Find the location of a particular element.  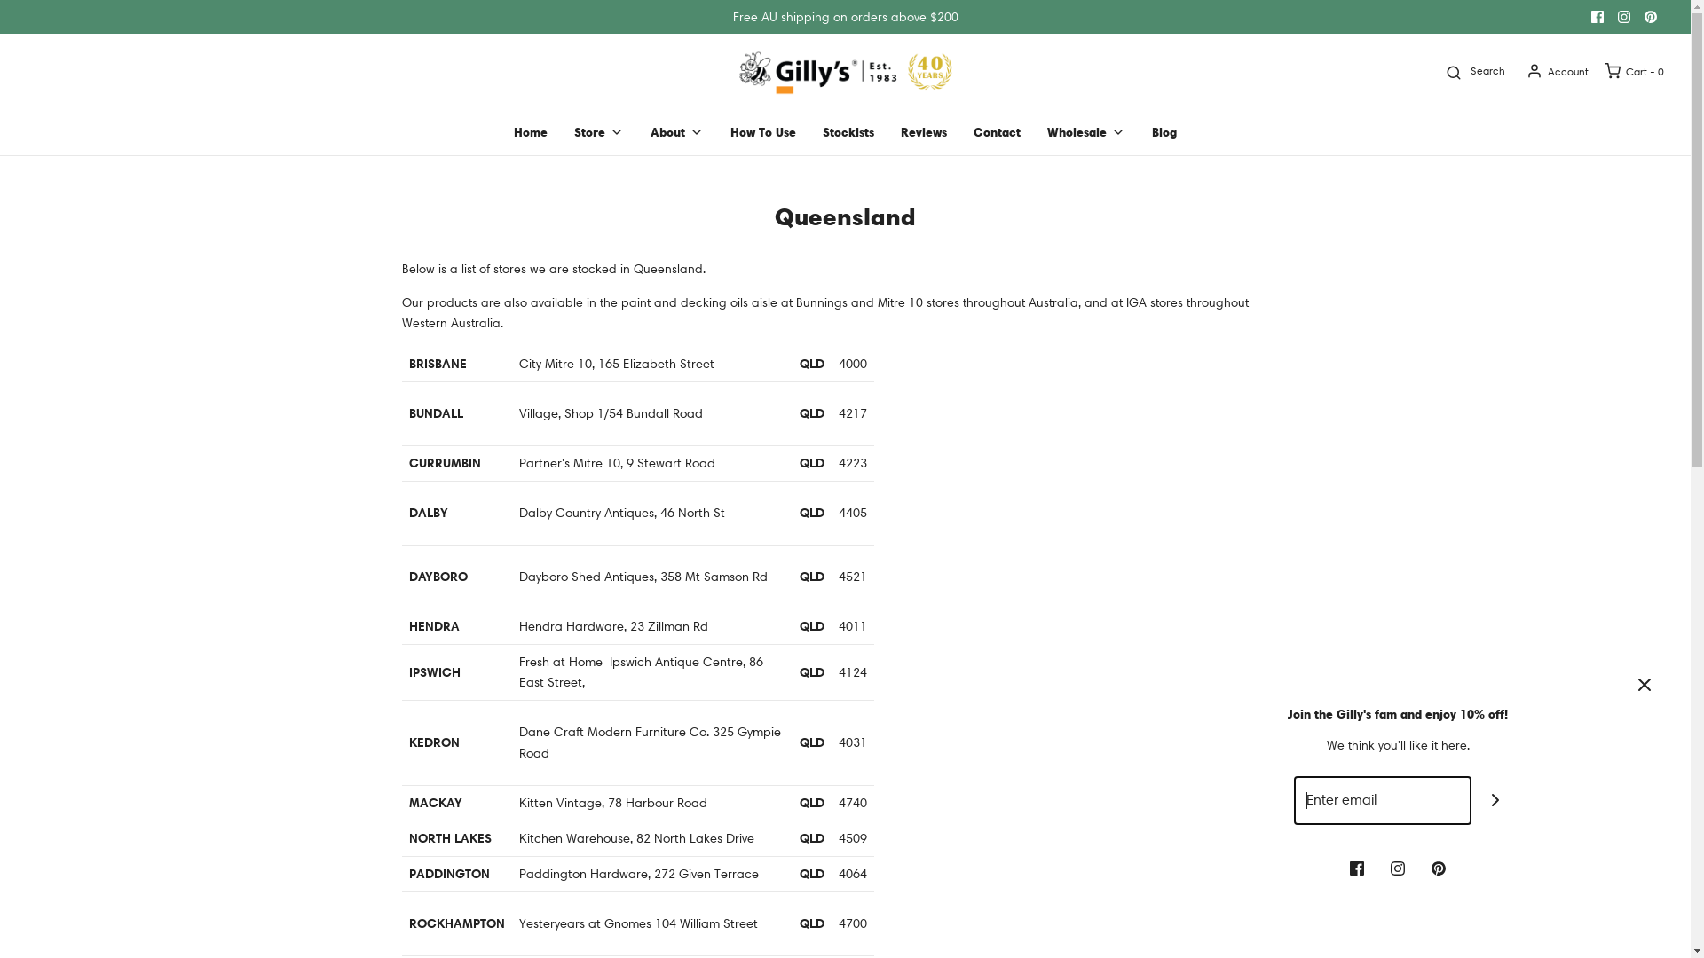

'Paddington Hardware' is located at coordinates (582, 872).